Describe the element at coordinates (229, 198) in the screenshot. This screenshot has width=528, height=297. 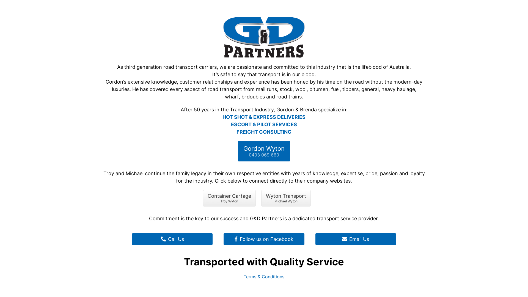
I see `'Container Cartage` at that location.